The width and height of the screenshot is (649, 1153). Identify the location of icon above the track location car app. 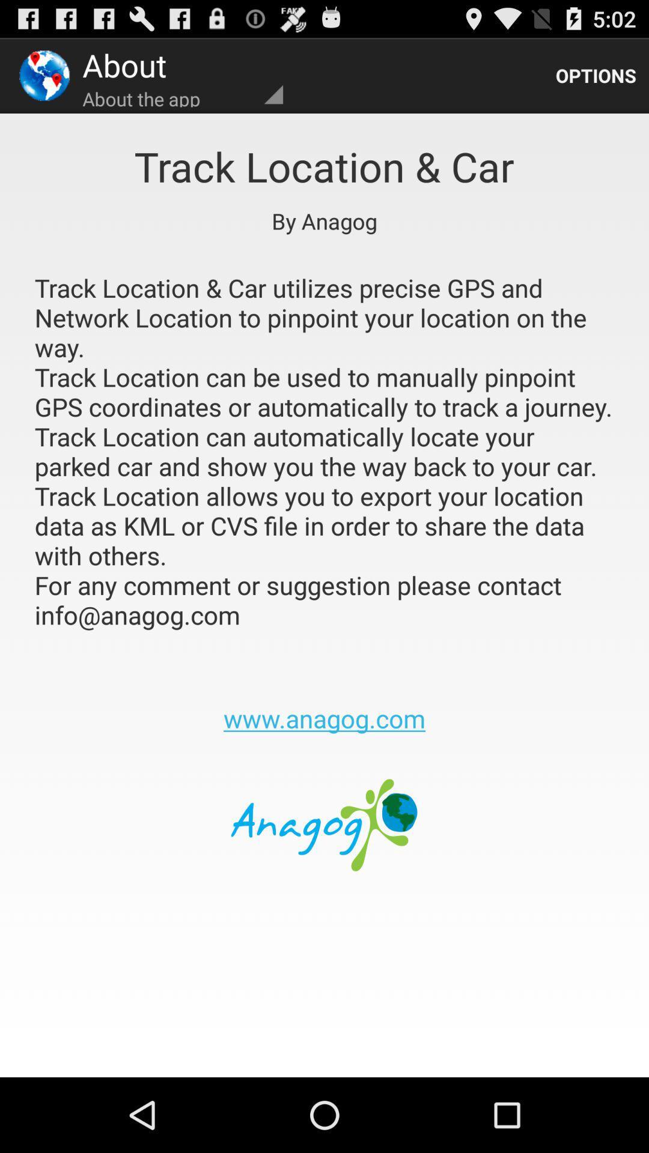
(596, 74).